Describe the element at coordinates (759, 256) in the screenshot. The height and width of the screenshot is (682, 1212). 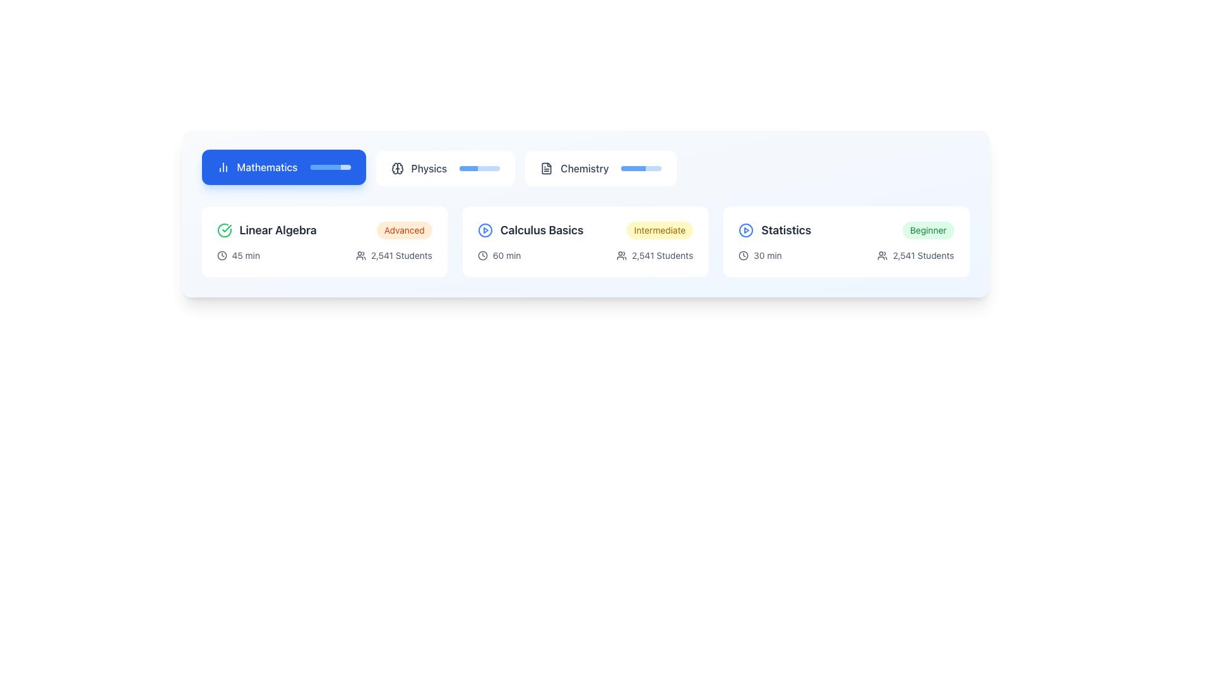
I see `the static informational display showing '30 min' with a clock icon, located in the 'Statistics' section, to the left of '2,541 Students'` at that location.